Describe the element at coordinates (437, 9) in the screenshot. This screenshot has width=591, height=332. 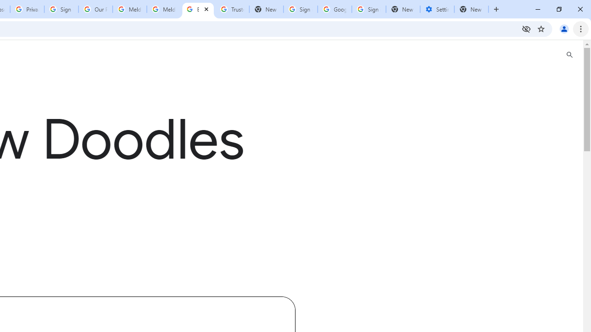
I see `'Settings - Addresses and more'` at that location.